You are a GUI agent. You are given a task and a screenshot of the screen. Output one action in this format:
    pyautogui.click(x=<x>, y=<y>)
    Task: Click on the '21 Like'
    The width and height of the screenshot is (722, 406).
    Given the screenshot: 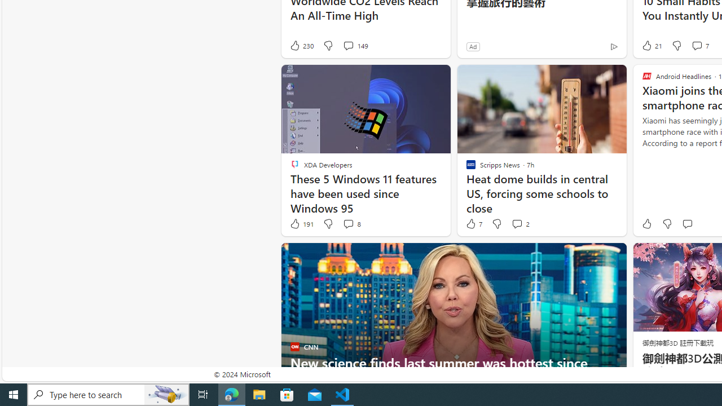 What is the action you would take?
    pyautogui.click(x=651, y=45)
    